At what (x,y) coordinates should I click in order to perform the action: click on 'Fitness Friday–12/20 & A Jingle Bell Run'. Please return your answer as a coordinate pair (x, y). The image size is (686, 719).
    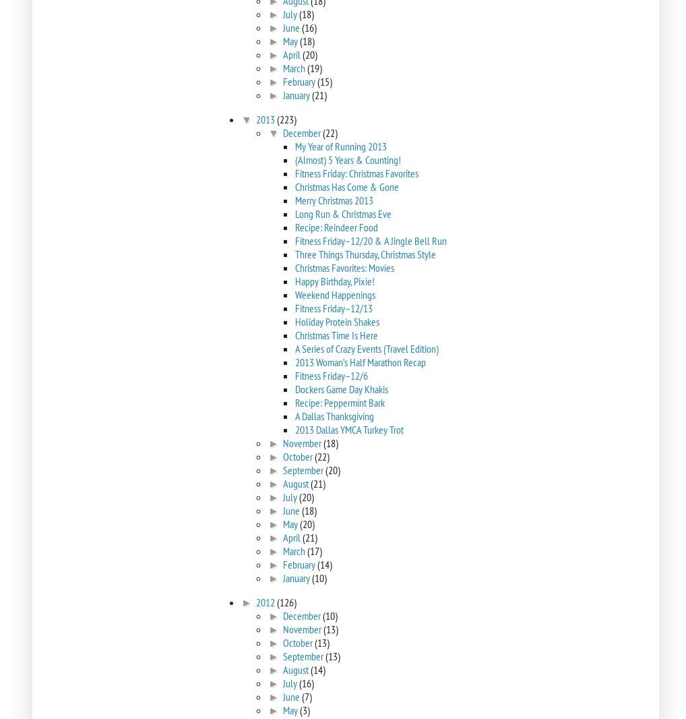
    Looking at the image, I should click on (370, 241).